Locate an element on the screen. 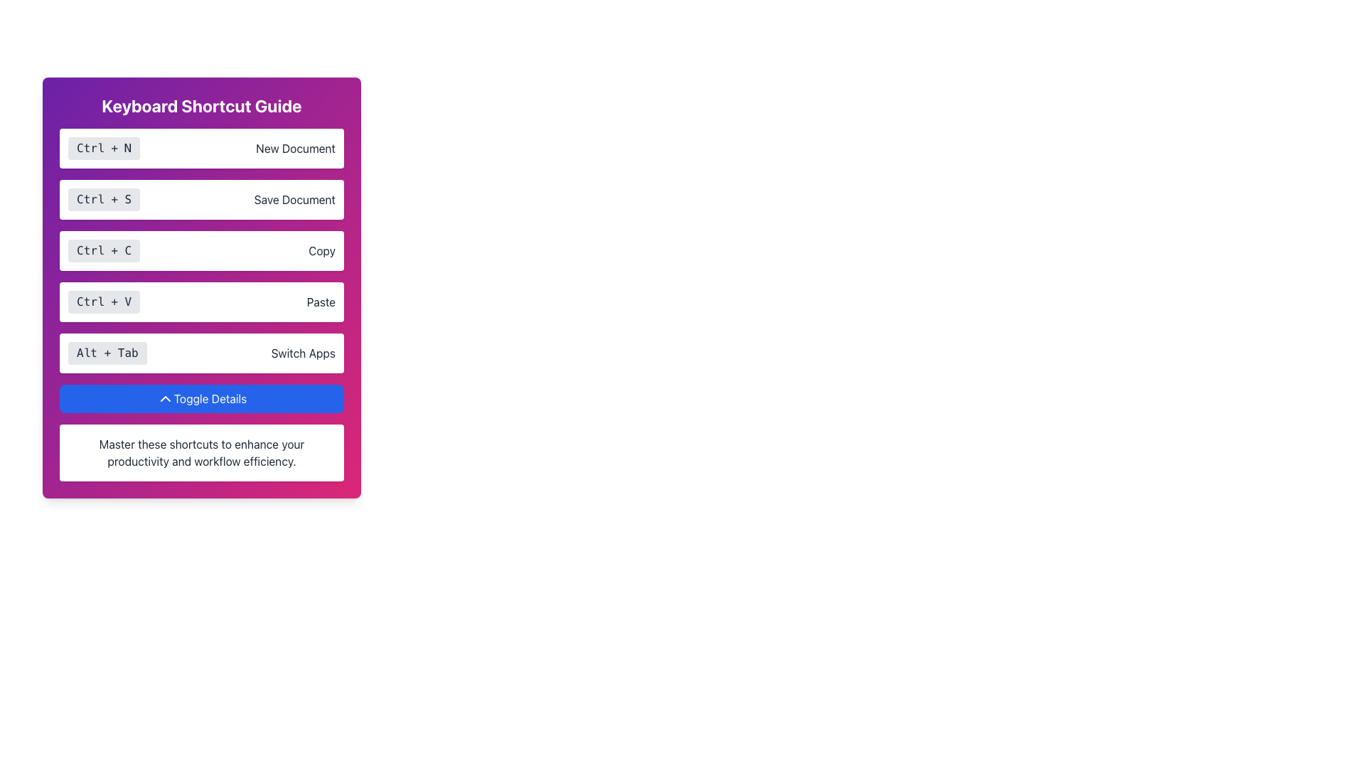 This screenshot has width=1365, height=768. the button located near the bottom of the keyboard shortcuts guide is located at coordinates (200, 398).